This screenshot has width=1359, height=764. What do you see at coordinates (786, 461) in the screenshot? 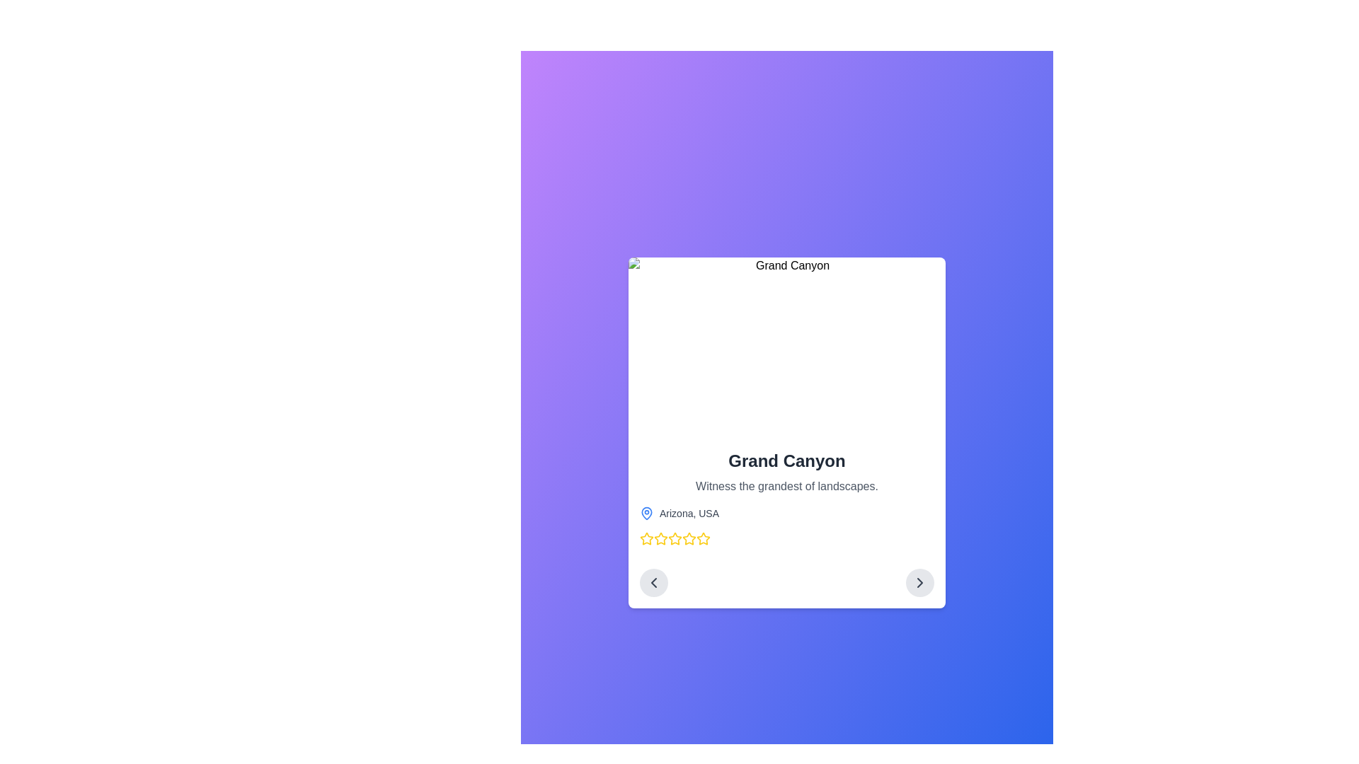
I see `the text label displaying 'Grand Canyon', which is styled in bold, large font and positioned above the description text 'Witness the grandest of landscapes.'` at bounding box center [786, 461].